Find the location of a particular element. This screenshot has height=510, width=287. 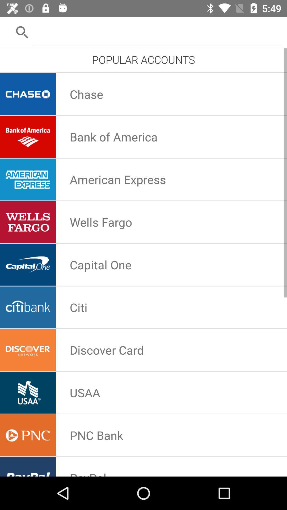

icon above usaa is located at coordinates (107, 350).